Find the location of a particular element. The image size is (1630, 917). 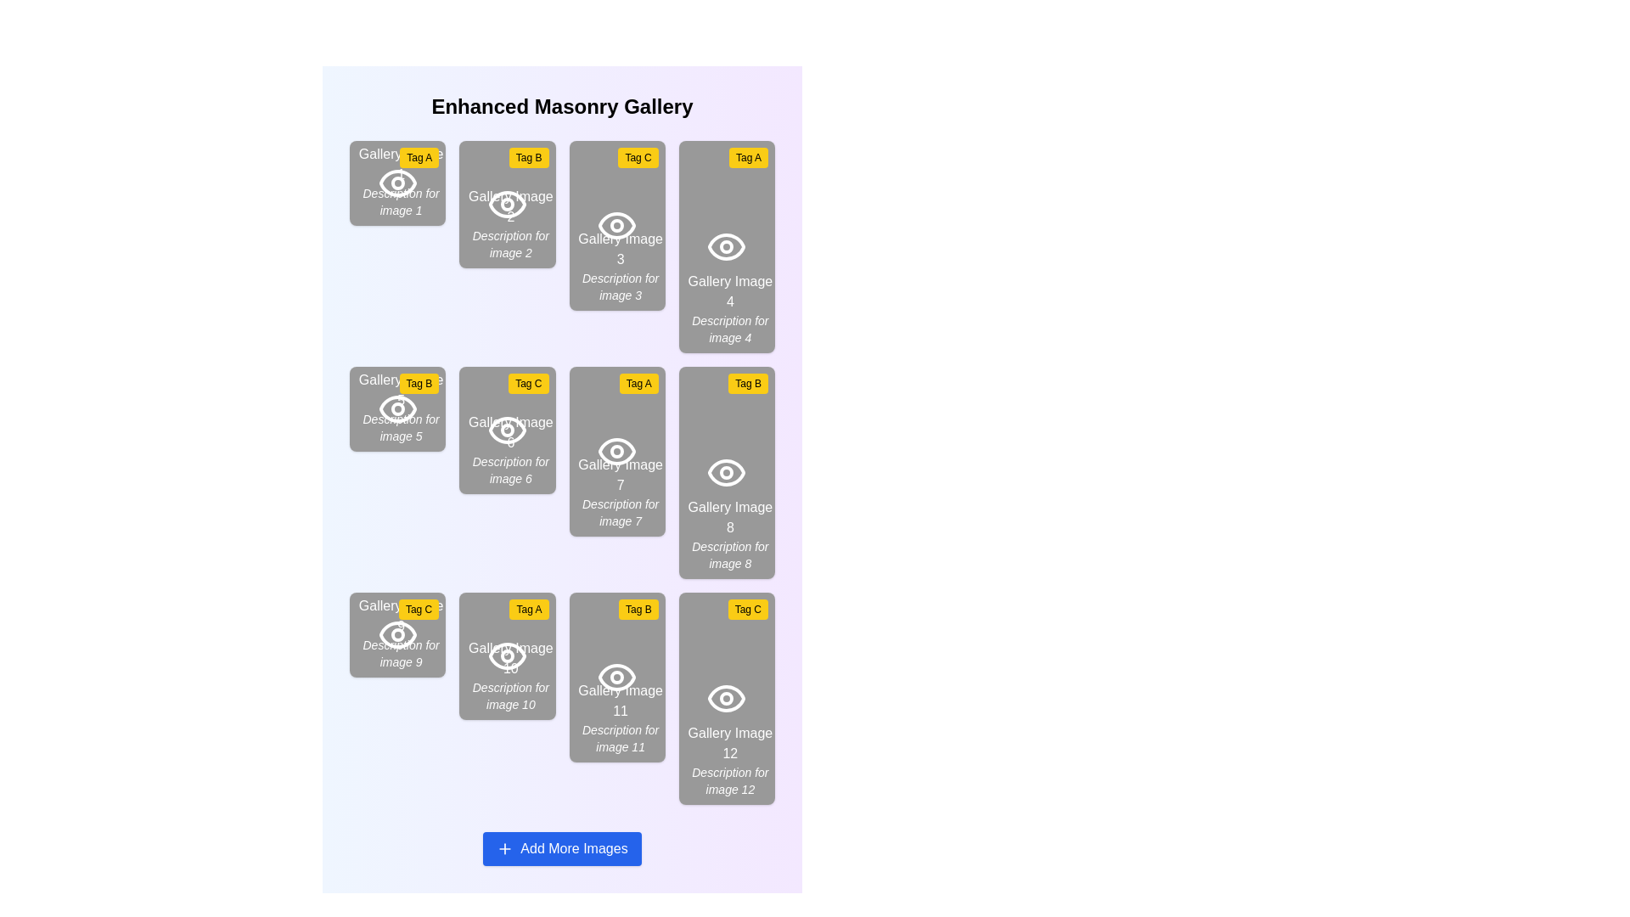

text from the Tag or Label with a bright yellow background displaying 'Tag C', located at the top-right corner of the box containing 'Gallery Image 9' is located at coordinates (419, 608).